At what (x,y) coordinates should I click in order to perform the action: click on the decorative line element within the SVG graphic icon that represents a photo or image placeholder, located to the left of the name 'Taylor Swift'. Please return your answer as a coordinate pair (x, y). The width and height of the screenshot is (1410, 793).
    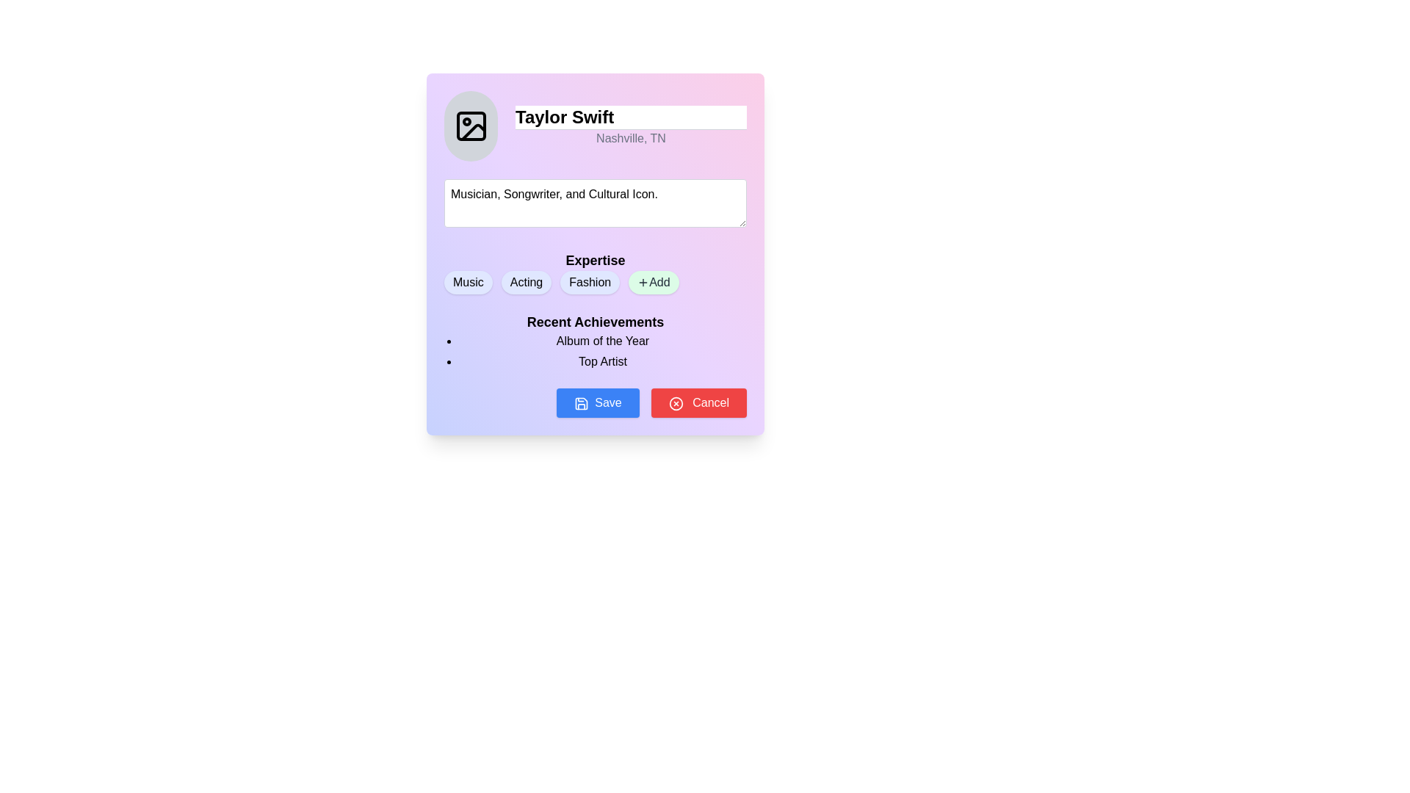
    Looking at the image, I should click on (473, 132).